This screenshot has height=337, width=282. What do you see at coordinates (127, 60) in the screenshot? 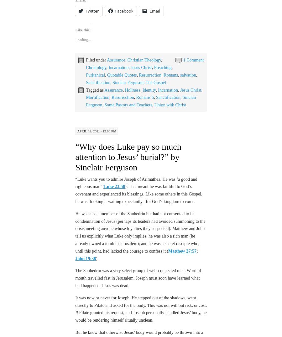
I see `'Christian Theology'` at bounding box center [127, 60].